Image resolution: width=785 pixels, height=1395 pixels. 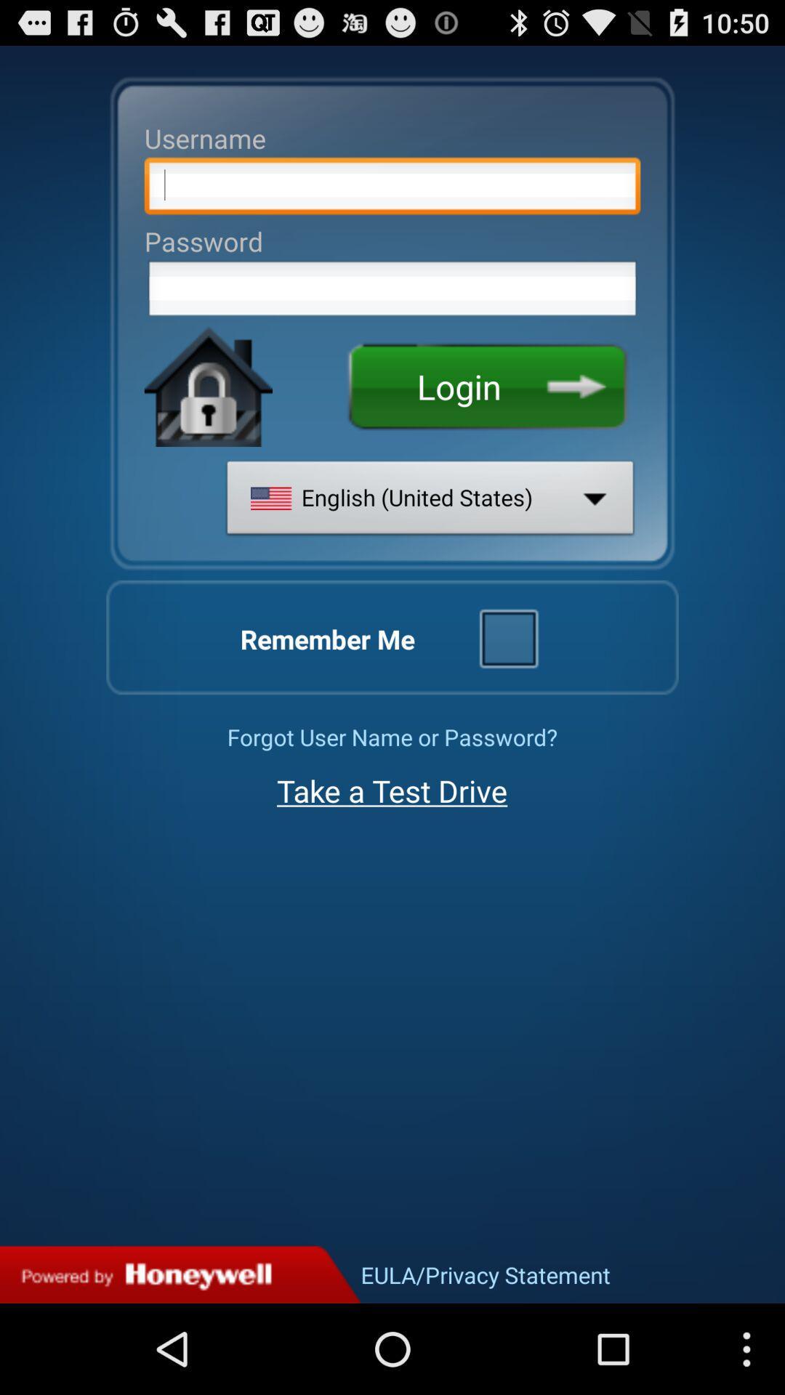 I want to click on advertising, so click(x=180, y=1274).